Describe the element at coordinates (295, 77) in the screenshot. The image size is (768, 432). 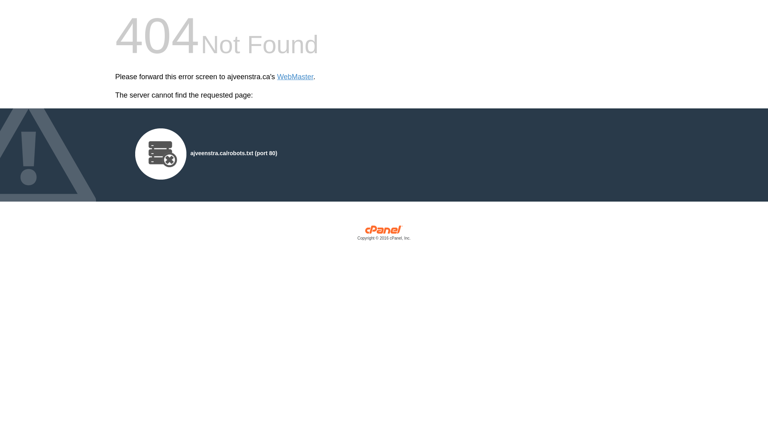
I see `'WebMaster'` at that location.